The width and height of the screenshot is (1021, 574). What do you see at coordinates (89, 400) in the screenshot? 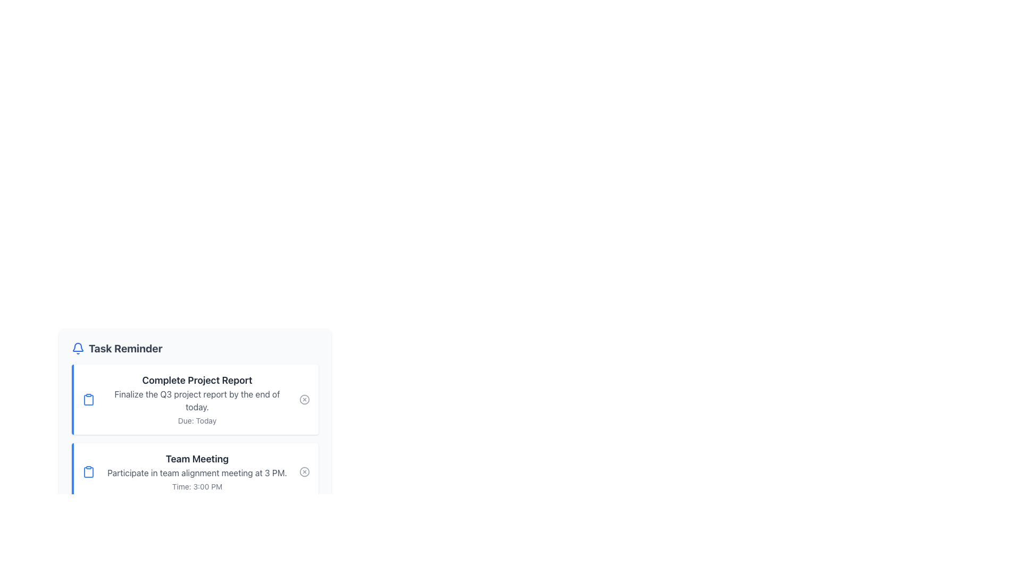
I see `the SVG icon representing the task urgency next to the 'Complete Project Report' title under the 'Task Reminder' heading` at bounding box center [89, 400].